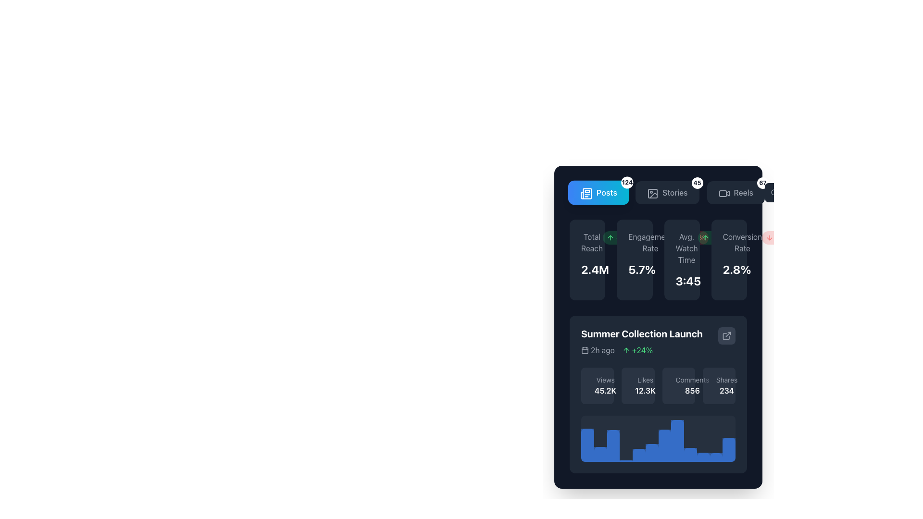 Image resolution: width=923 pixels, height=519 pixels. What do you see at coordinates (587, 259) in the screenshot?
I see `displayed metrics from the Information card located in the top-left position of the grid layout` at bounding box center [587, 259].